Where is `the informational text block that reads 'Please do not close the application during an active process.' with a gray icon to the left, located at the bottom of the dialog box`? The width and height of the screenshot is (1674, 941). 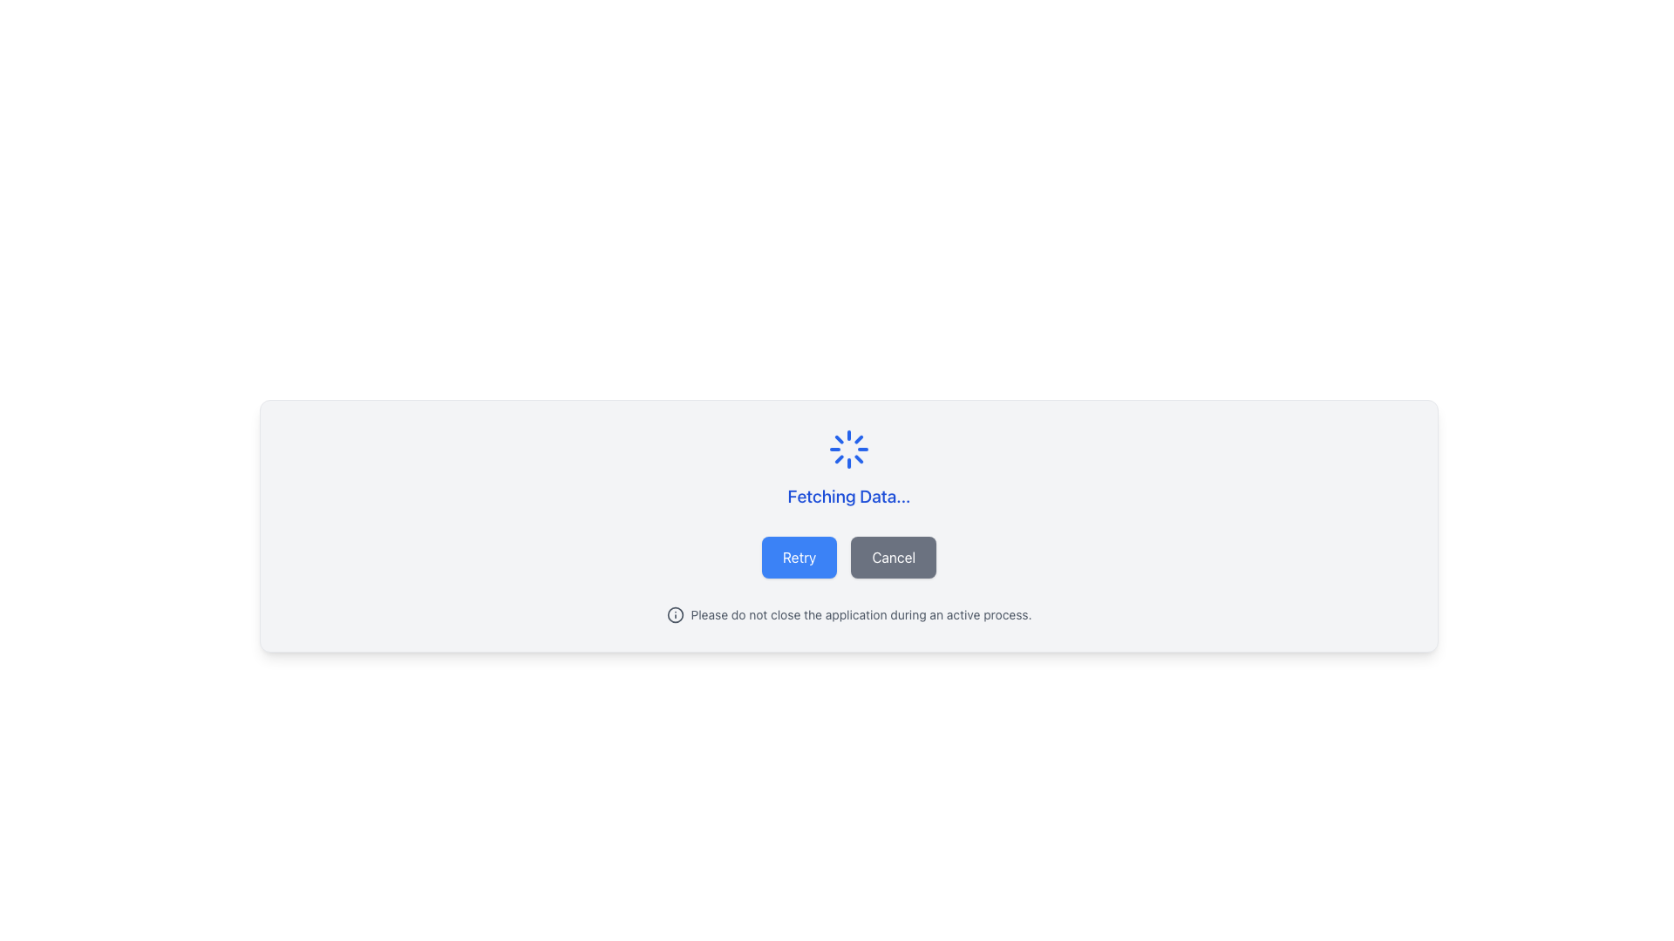 the informational text block that reads 'Please do not close the application during an active process.' with a gray icon to the left, located at the bottom of the dialog box is located at coordinates (849, 613).